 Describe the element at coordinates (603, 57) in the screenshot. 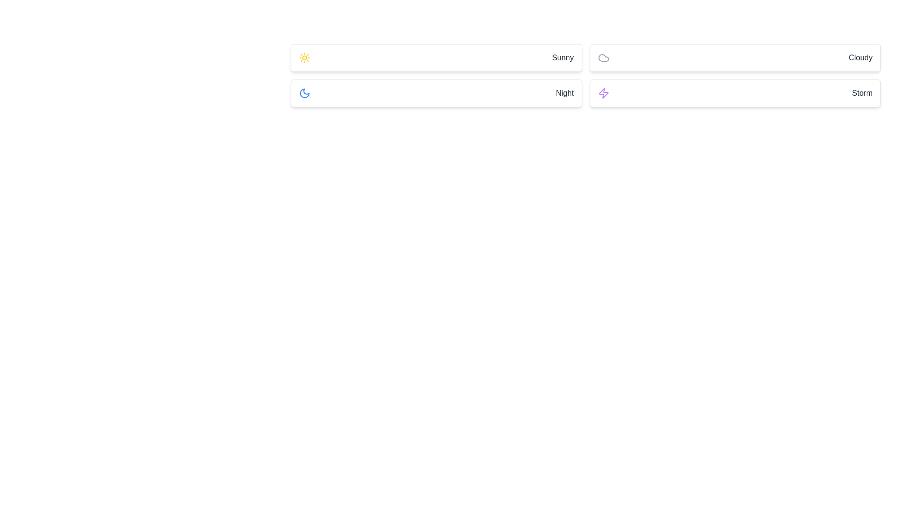

I see `the decorative cloud icon located in the top-right part of the grouped cards, adjacent to the 'Cloudy' text label` at that location.